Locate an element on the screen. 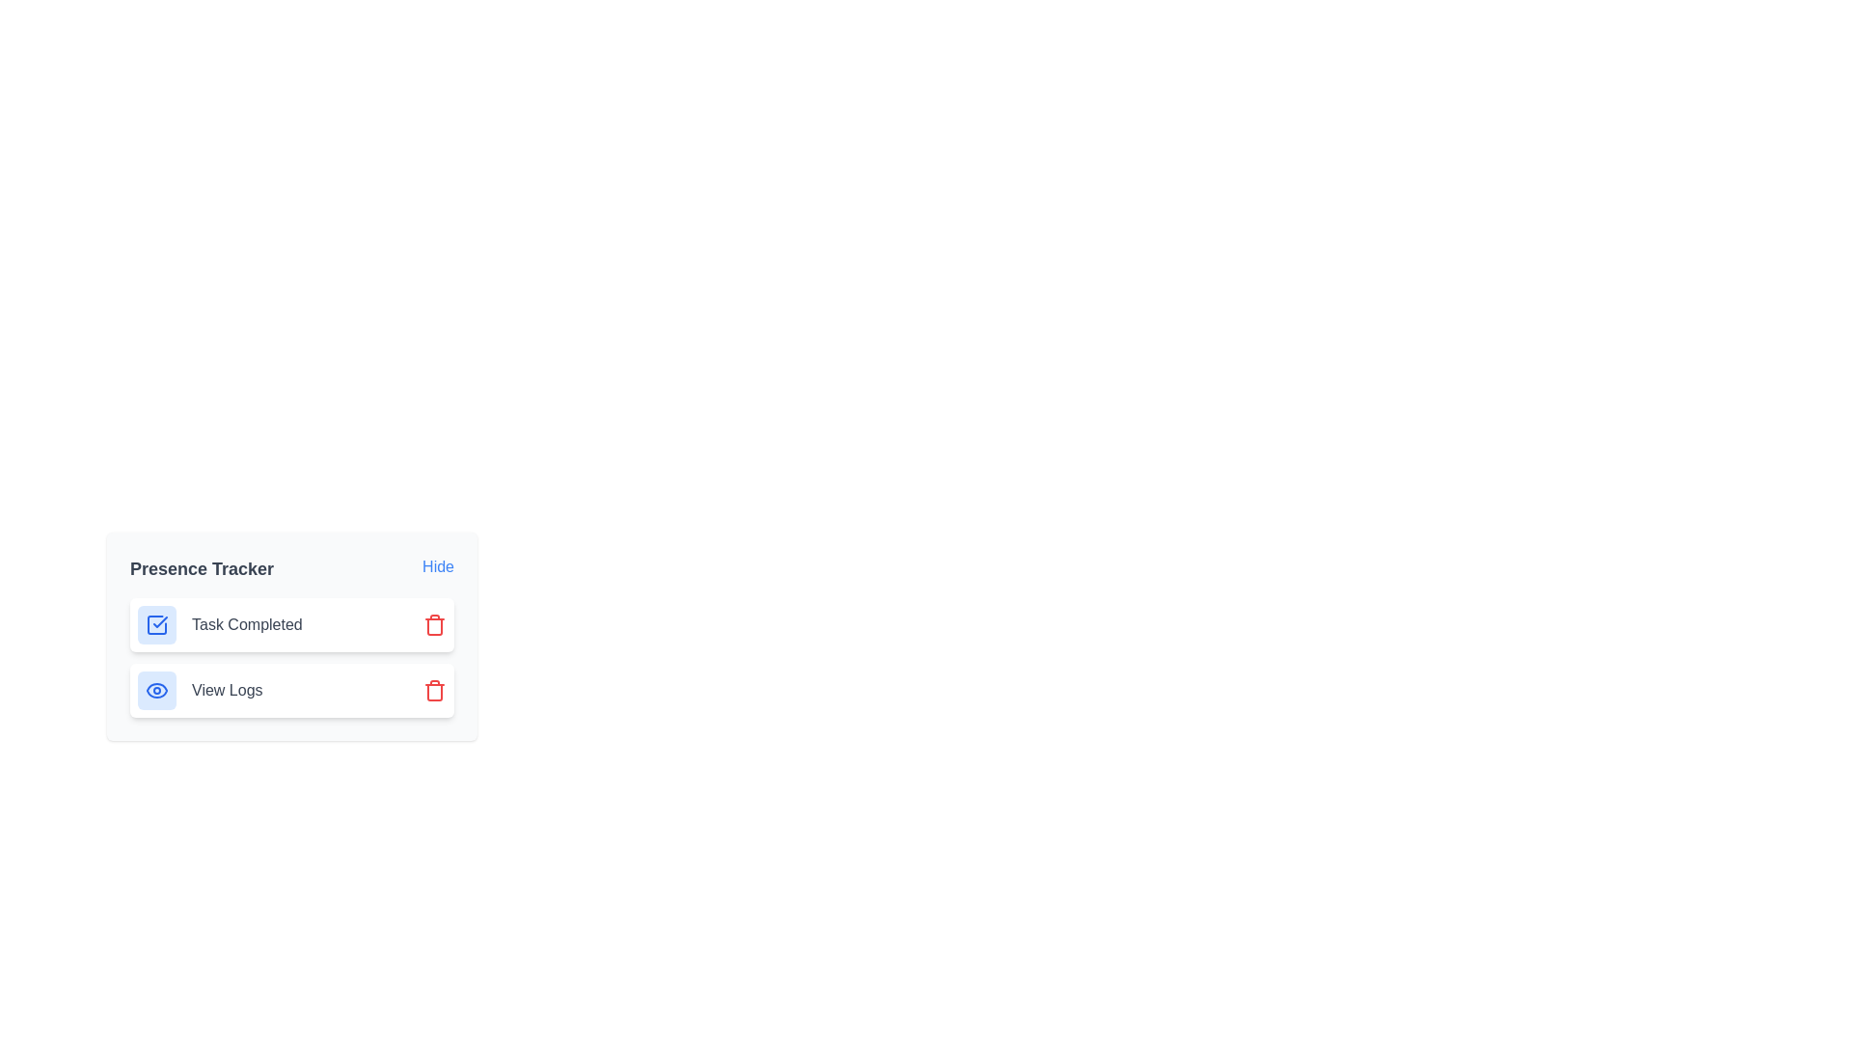  the blue eye icon located to the left of the 'View Logs' label in the bottom entry of the list is located at coordinates (157, 690).